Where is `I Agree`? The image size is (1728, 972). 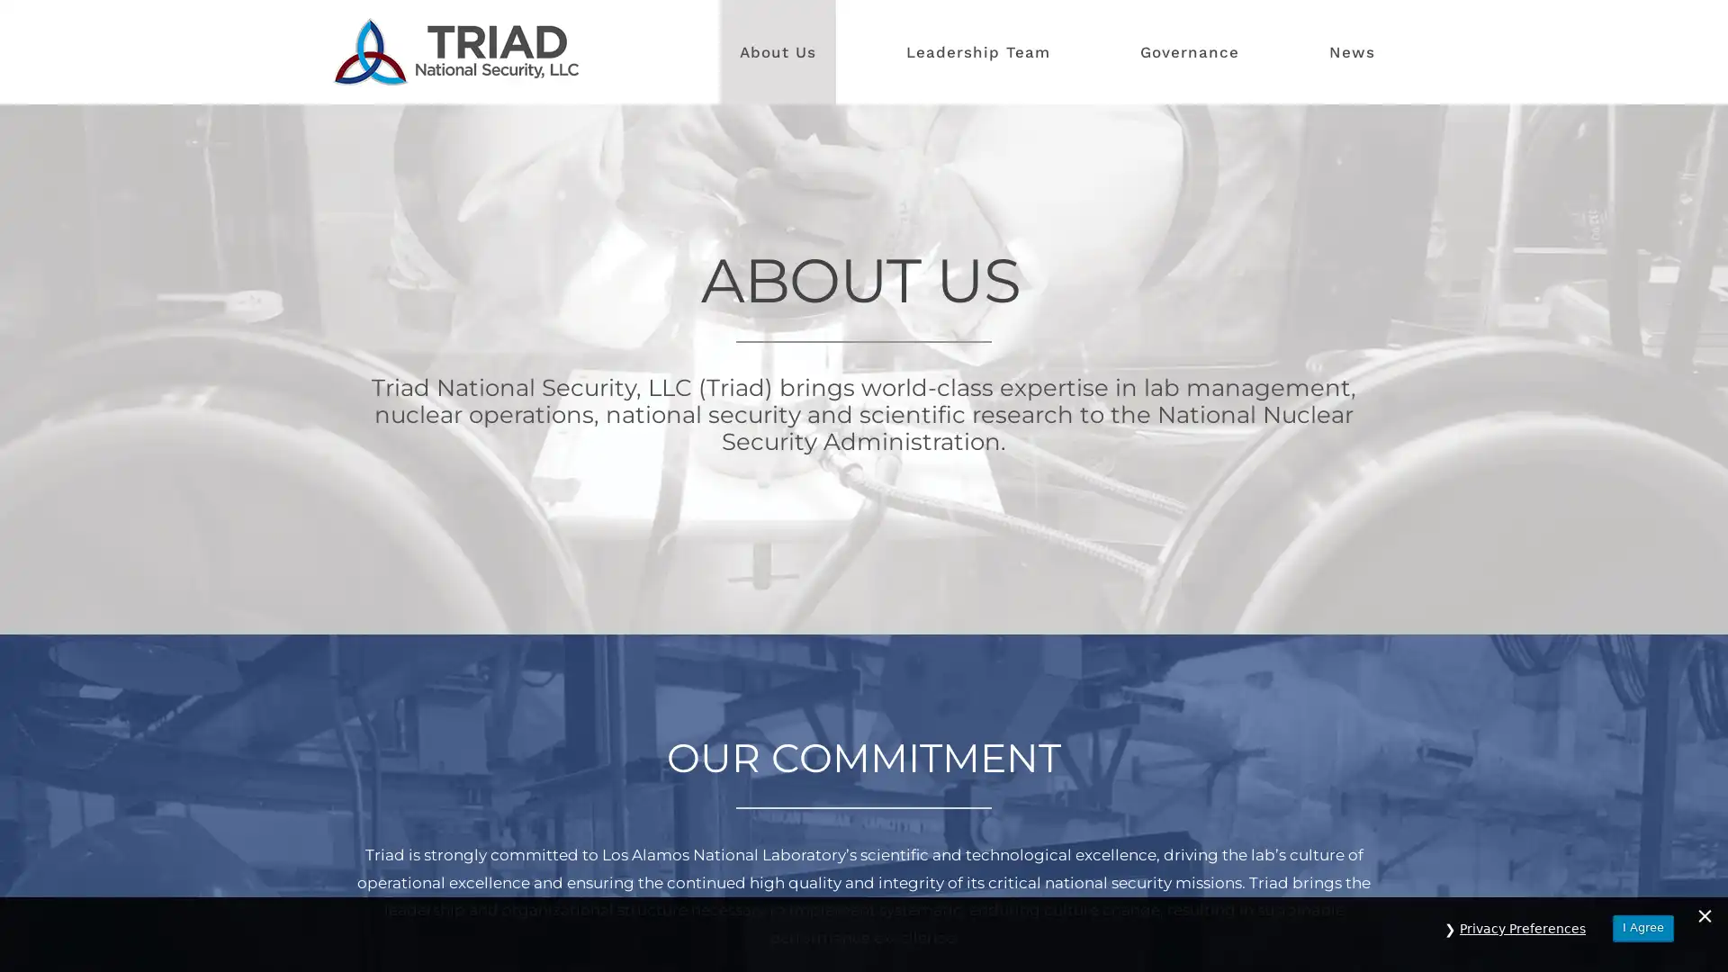
I Agree is located at coordinates (1642, 938).